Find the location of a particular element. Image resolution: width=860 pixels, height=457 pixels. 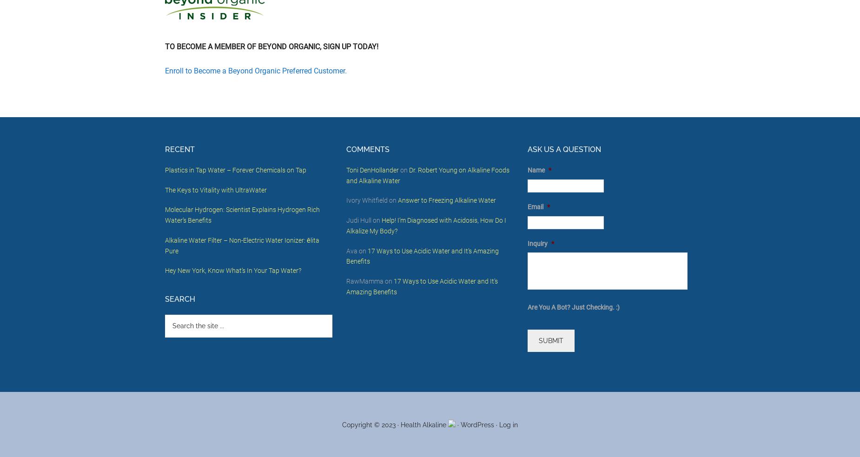

'Plastics in Tap Water – Forever Chemicals on Tap' is located at coordinates (236, 169).